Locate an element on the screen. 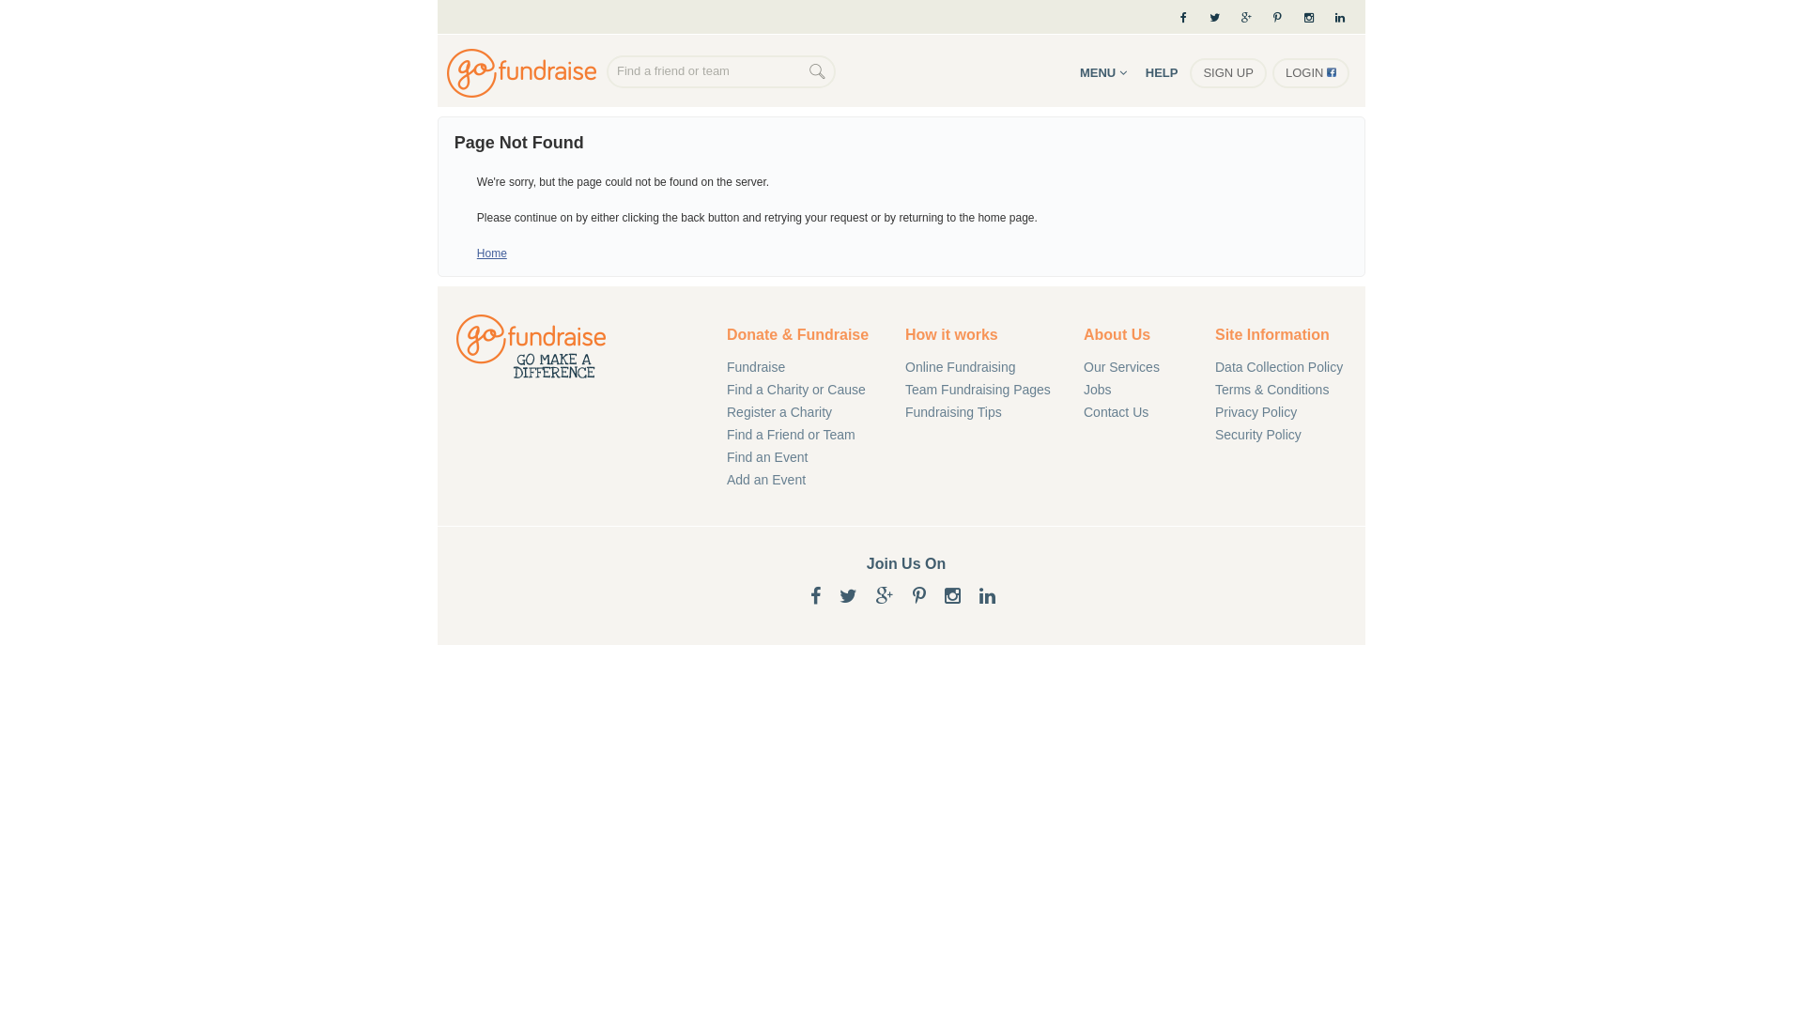 Image resolution: width=1803 pixels, height=1014 pixels. 'Privacy Policy' is located at coordinates (1288, 411).